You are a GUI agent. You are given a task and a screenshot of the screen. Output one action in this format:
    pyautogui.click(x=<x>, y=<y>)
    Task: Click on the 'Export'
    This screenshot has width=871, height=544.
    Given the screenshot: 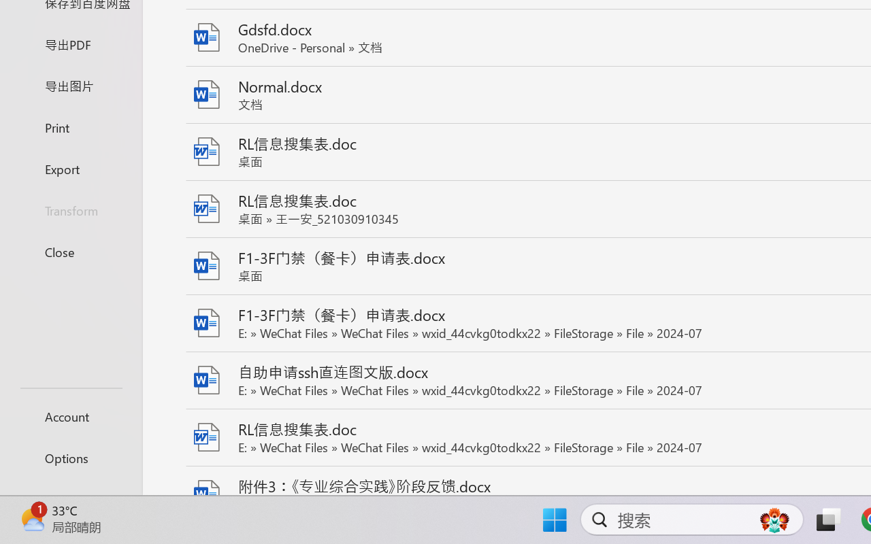 What is the action you would take?
    pyautogui.click(x=70, y=168)
    